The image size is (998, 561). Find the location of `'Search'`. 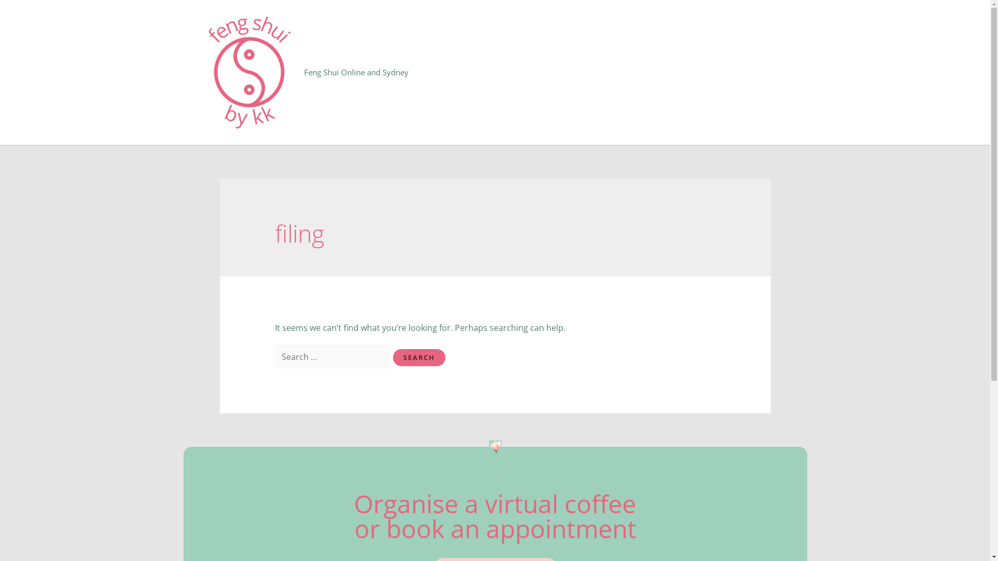

'Search' is located at coordinates (419, 357).